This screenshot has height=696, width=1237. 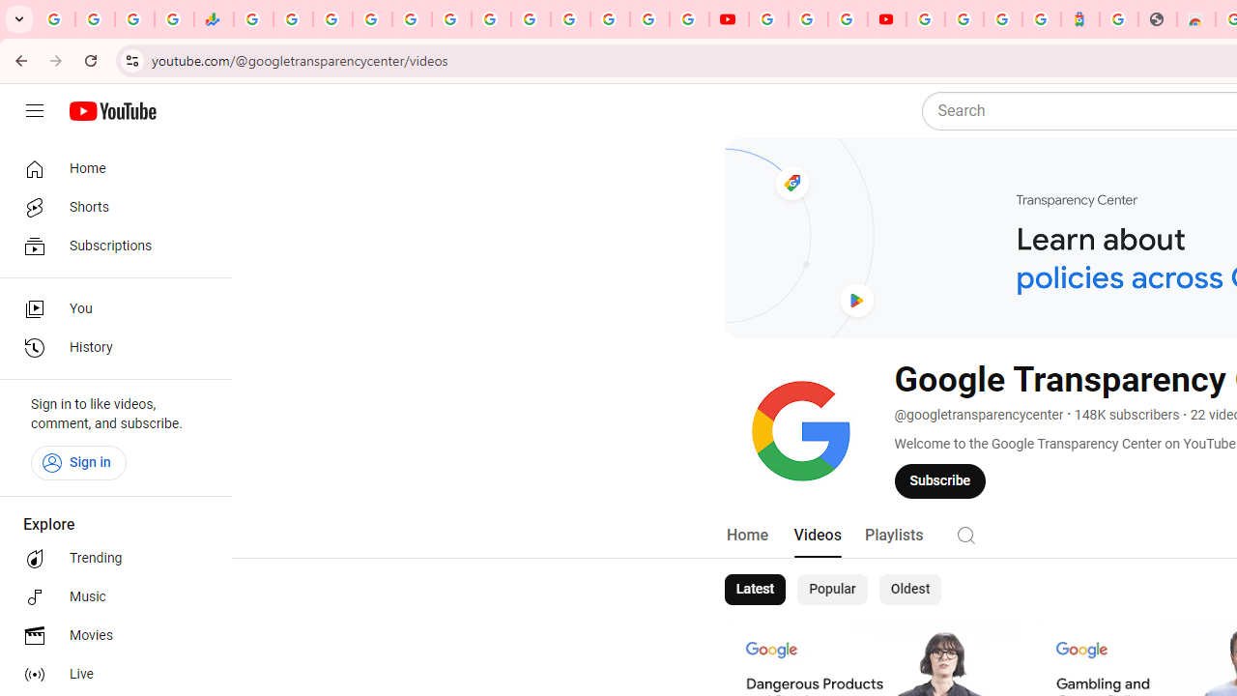 I want to click on 'Google Workspace Admin Community', so click(x=55, y=19).